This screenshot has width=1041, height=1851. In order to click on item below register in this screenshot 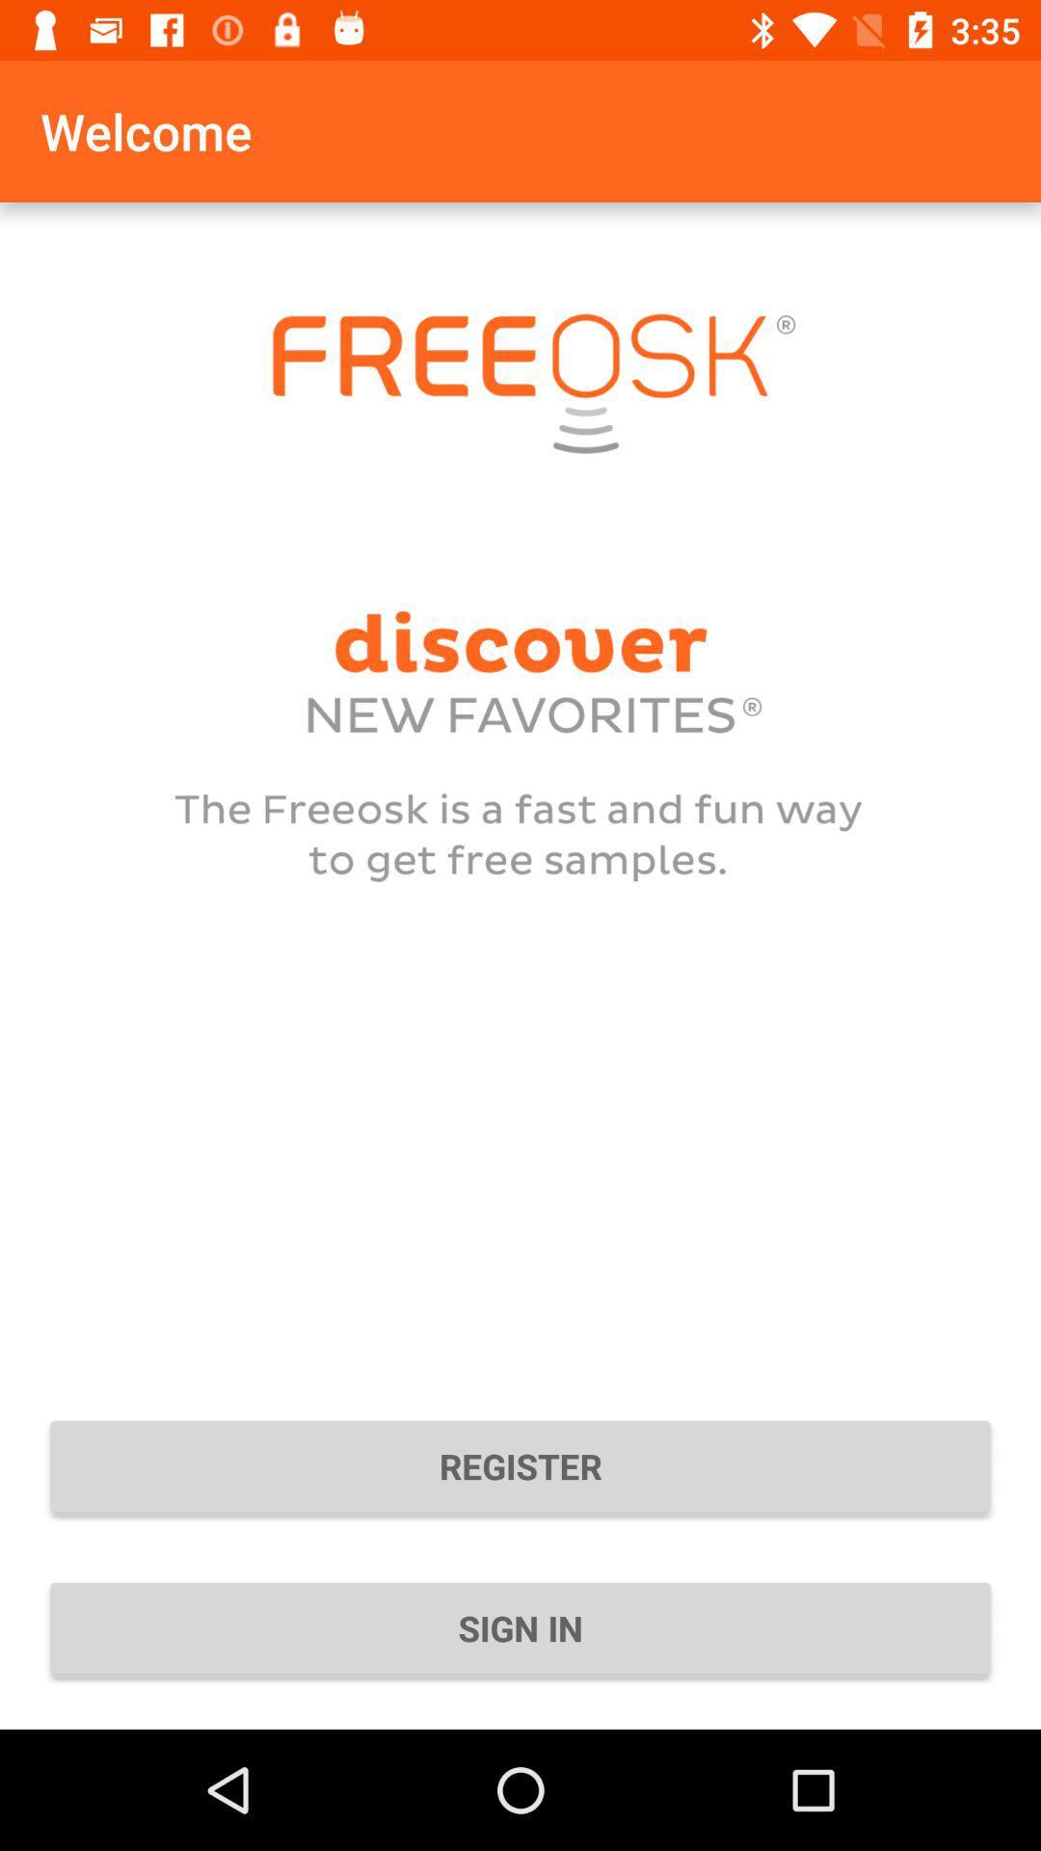, I will do `click(520, 1627)`.